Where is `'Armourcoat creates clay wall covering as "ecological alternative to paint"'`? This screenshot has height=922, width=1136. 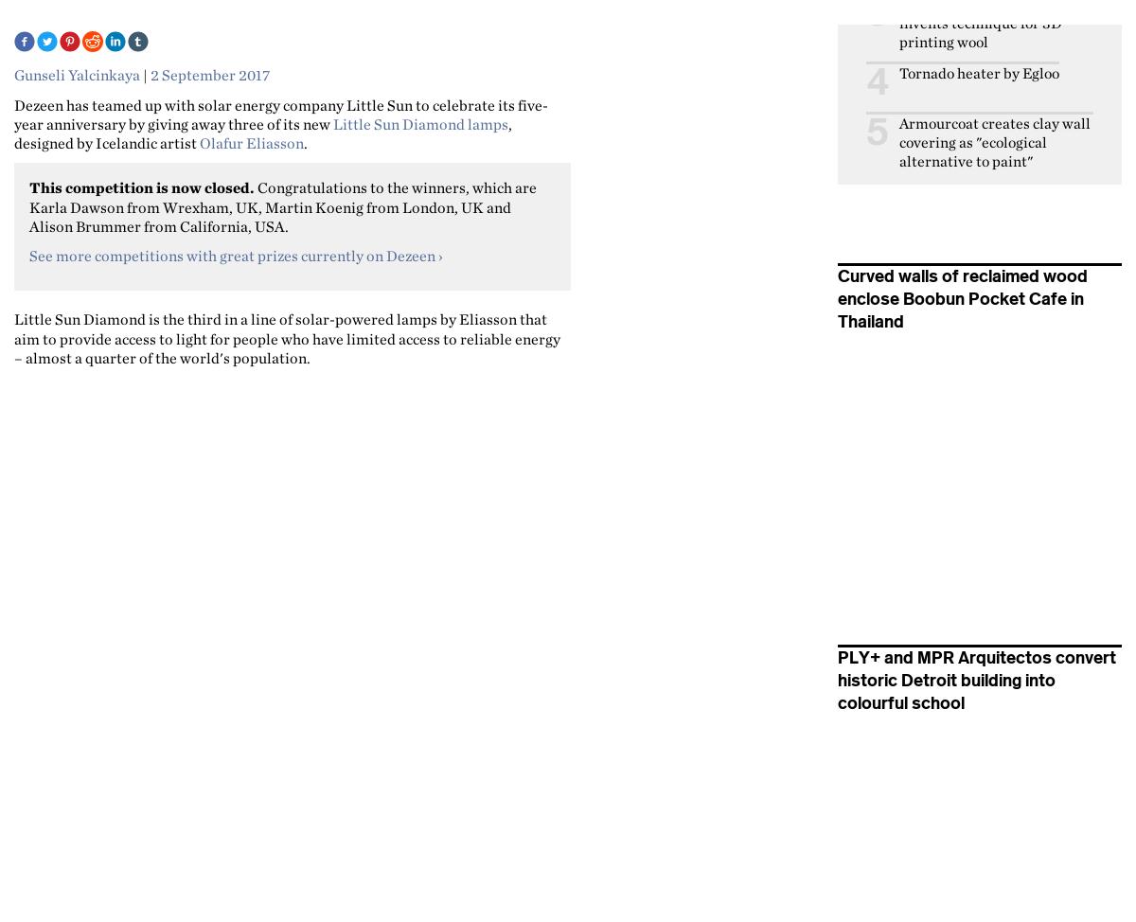 'Armourcoat creates clay wall covering as "ecological alternative to paint"' is located at coordinates (994, 141).